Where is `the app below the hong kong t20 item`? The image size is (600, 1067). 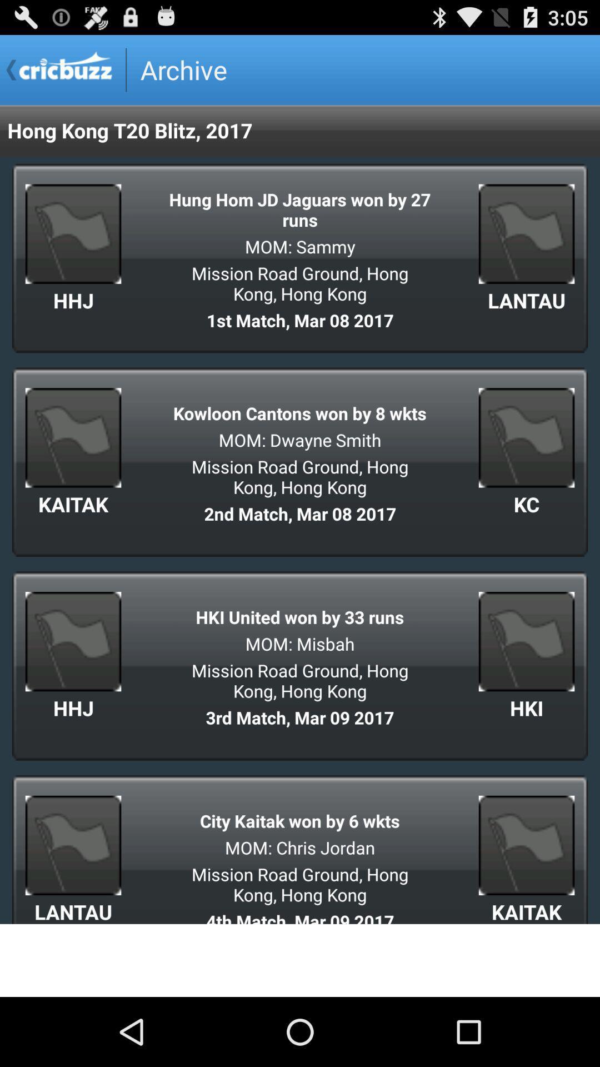 the app below the hong kong t20 item is located at coordinates (300, 210).